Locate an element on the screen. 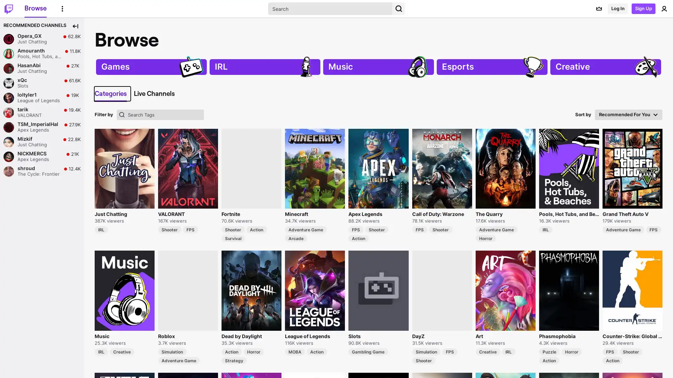 Image resolution: width=673 pixels, height=378 pixels. Sign Up is located at coordinates (644, 8).